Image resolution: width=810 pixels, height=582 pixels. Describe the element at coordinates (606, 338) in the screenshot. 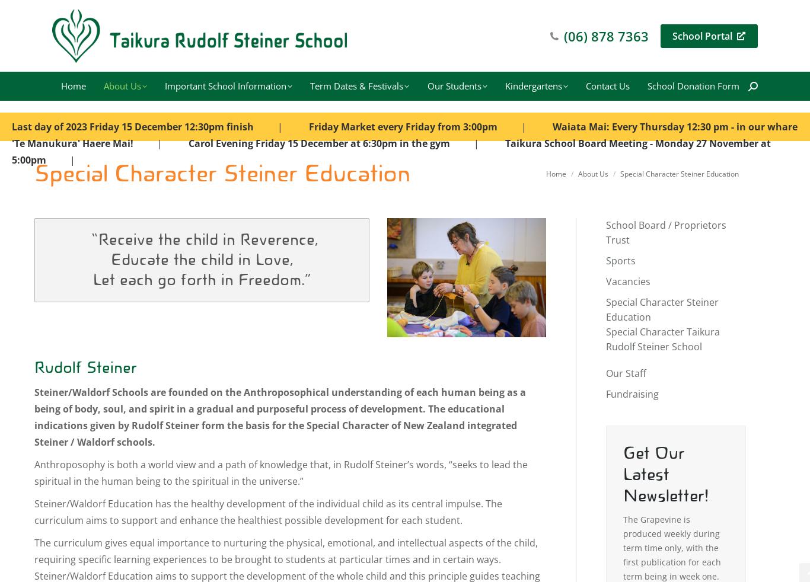

I see `'Special Character Taikura Rudolf Steiner School'` at that location.